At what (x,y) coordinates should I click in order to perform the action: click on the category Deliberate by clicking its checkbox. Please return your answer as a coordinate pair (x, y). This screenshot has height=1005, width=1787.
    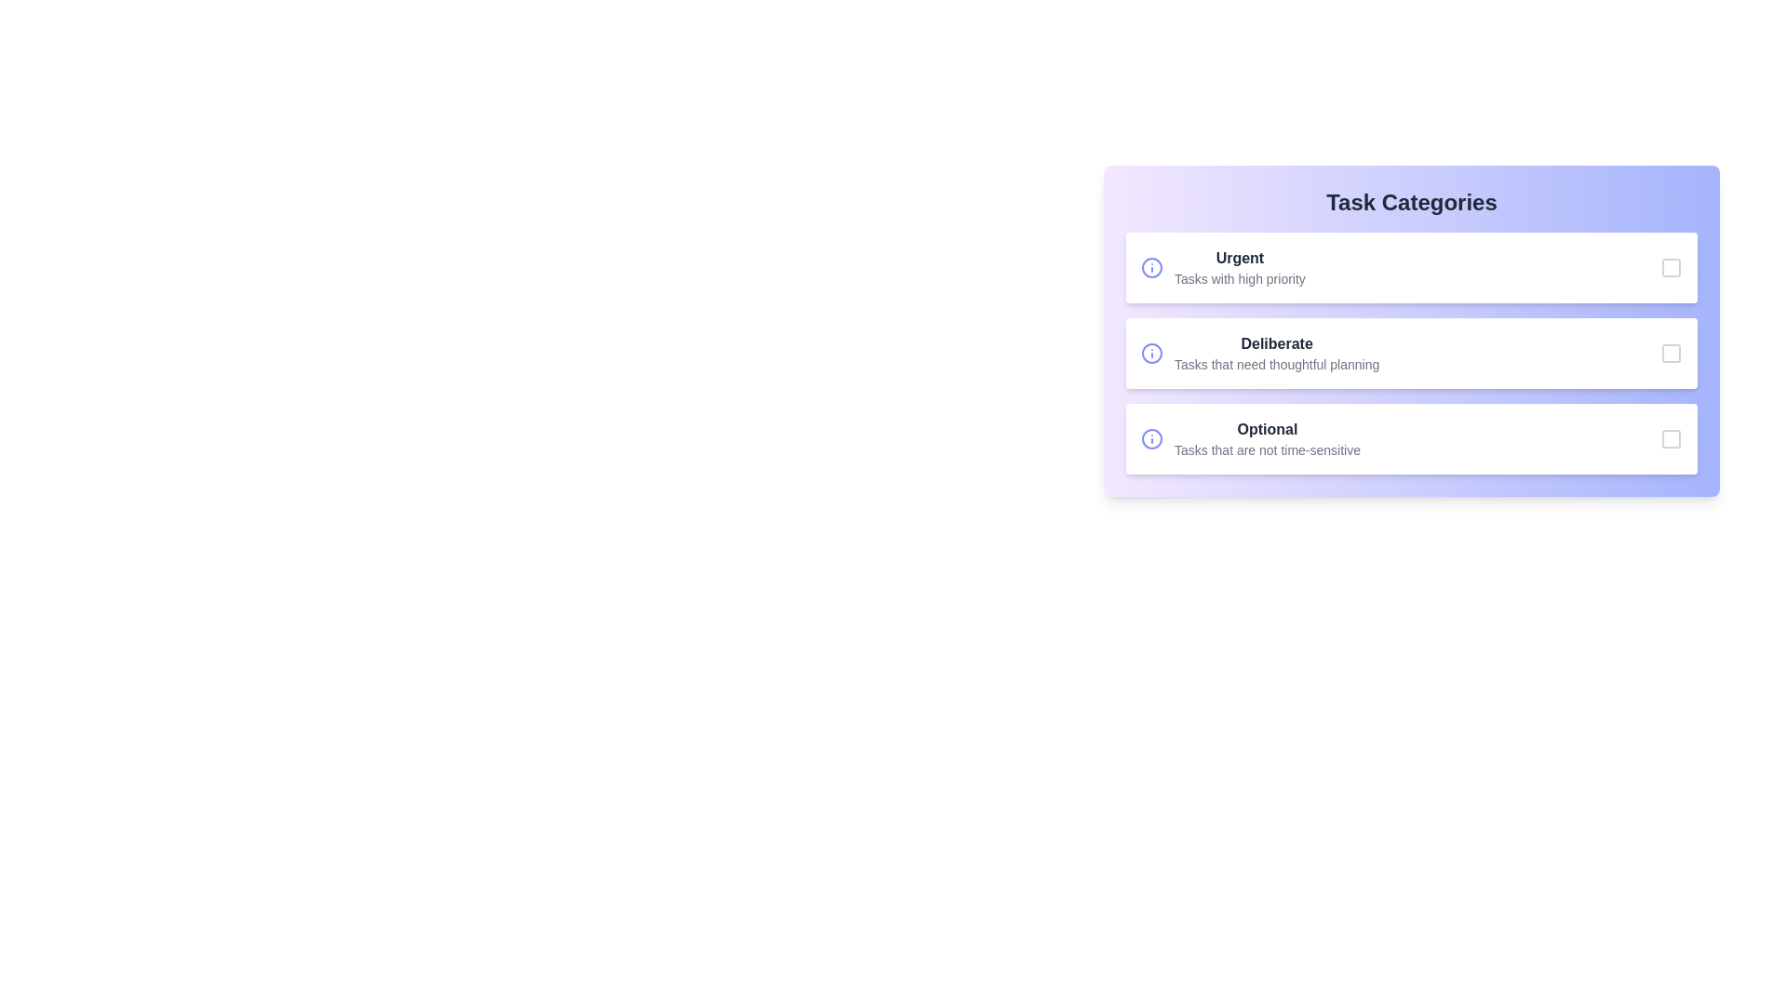
    Looking at the image, I should click on (1671, 354).